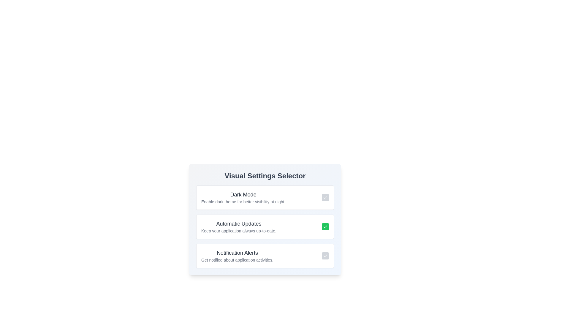 This screenshot has height=321, width=570. What do you see at coordinates (325, 197) in the screenshot?
I see `the 'Dark Mode' toggle button` at bounding box center [325, 197].